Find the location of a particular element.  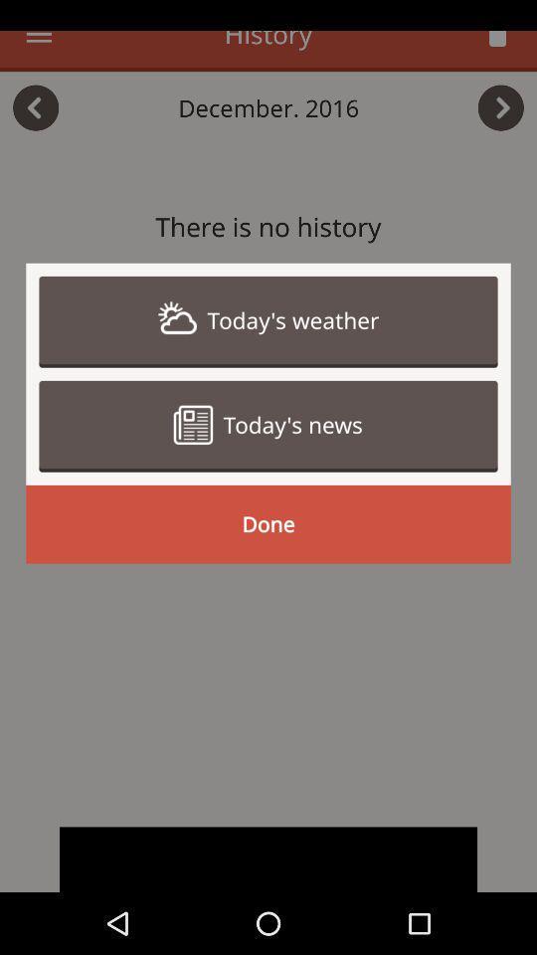

the done button is located at coordinates (268, 523).